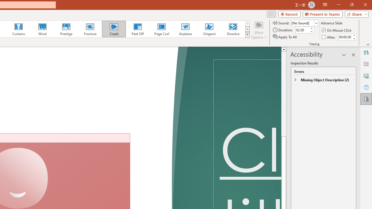 The image size is (372, 209). I want to click on 'On Mouse Click', so click(337, 30).